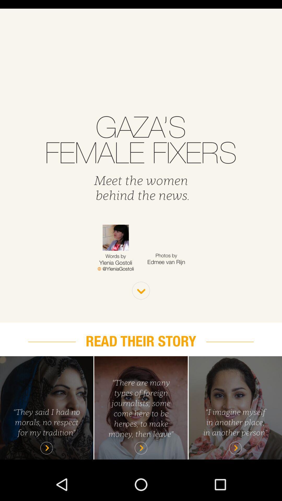  Describe the element at coordinates (141, 290) in the screenshot. I see `see more option` at that location.